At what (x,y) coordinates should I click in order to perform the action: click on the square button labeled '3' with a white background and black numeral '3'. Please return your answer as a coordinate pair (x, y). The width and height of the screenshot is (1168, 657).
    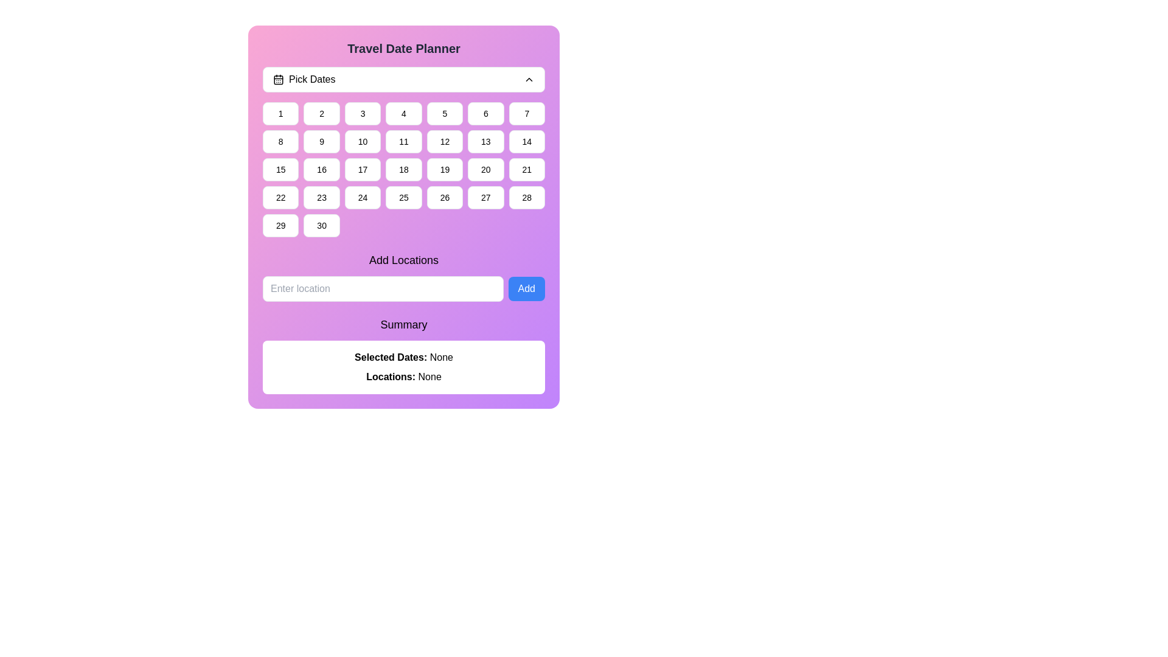
    Looking at the image, I should click on (362, 113).